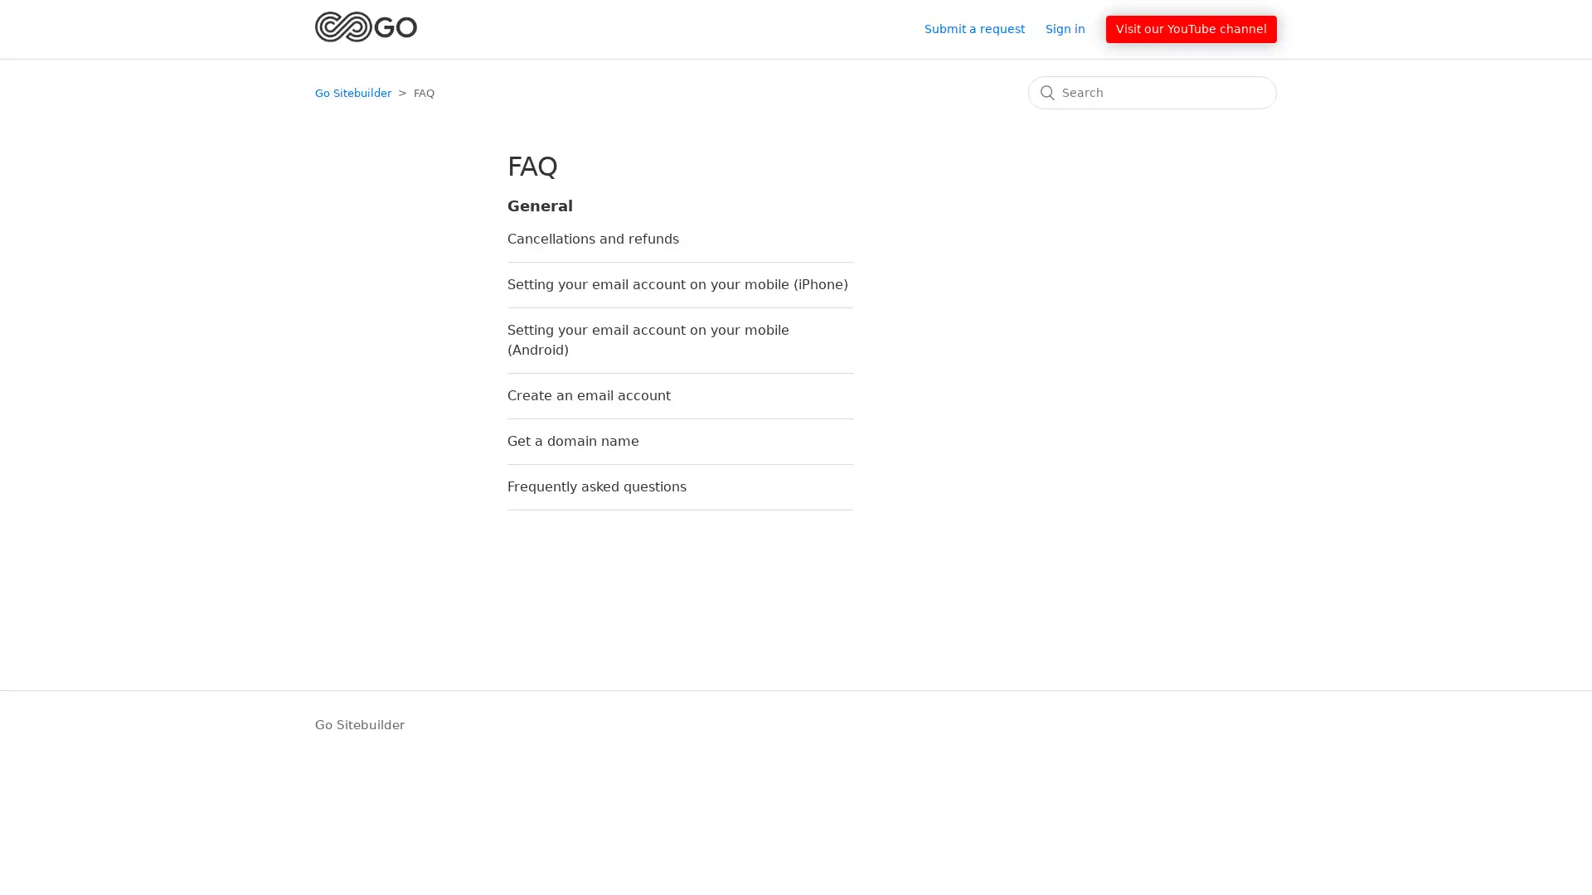 The width and height of the screenshot is (1592, 895). What do you see at coordinates (1074, 28) in the screenshot?
I see `Sign in` at bounding box center [1074, 28].